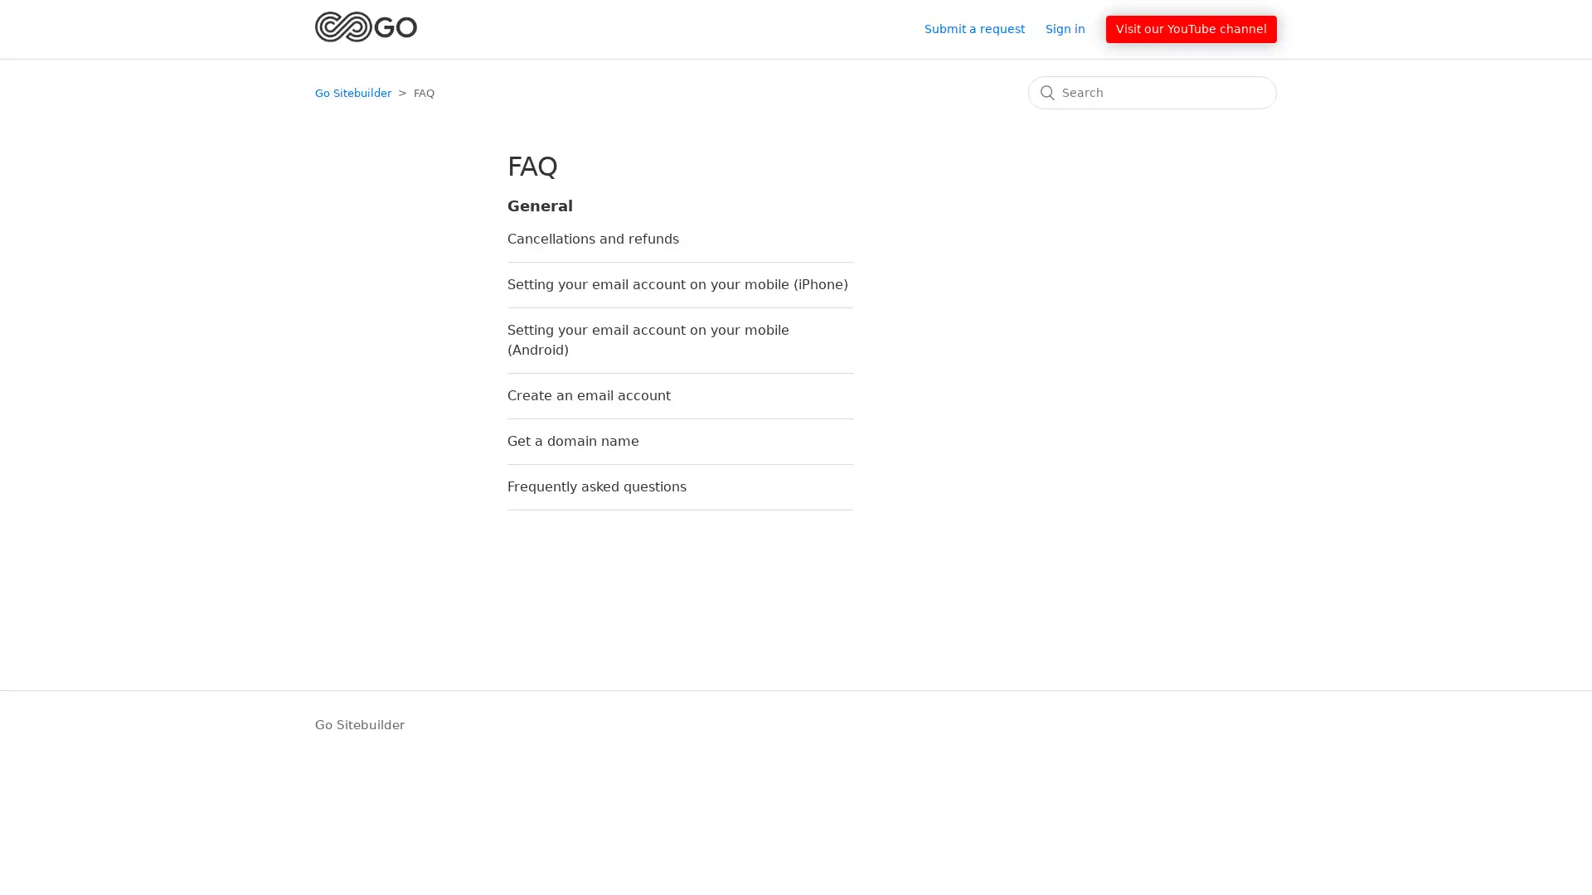 The width and height of the screenshot is (1592, 895). What do you see at coordinates (1074, 28) in the screenshot?
I see `Sign in` at bounding box center [1074, 28].